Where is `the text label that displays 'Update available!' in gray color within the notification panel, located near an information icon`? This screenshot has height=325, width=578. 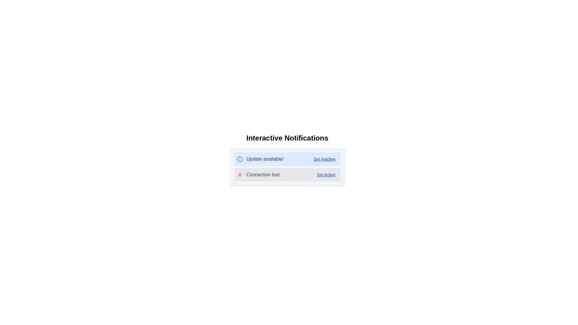
the text label that displays 'Update available!' in gray color within the notification panel, located near an information icon is located at coordinates (265, 159).